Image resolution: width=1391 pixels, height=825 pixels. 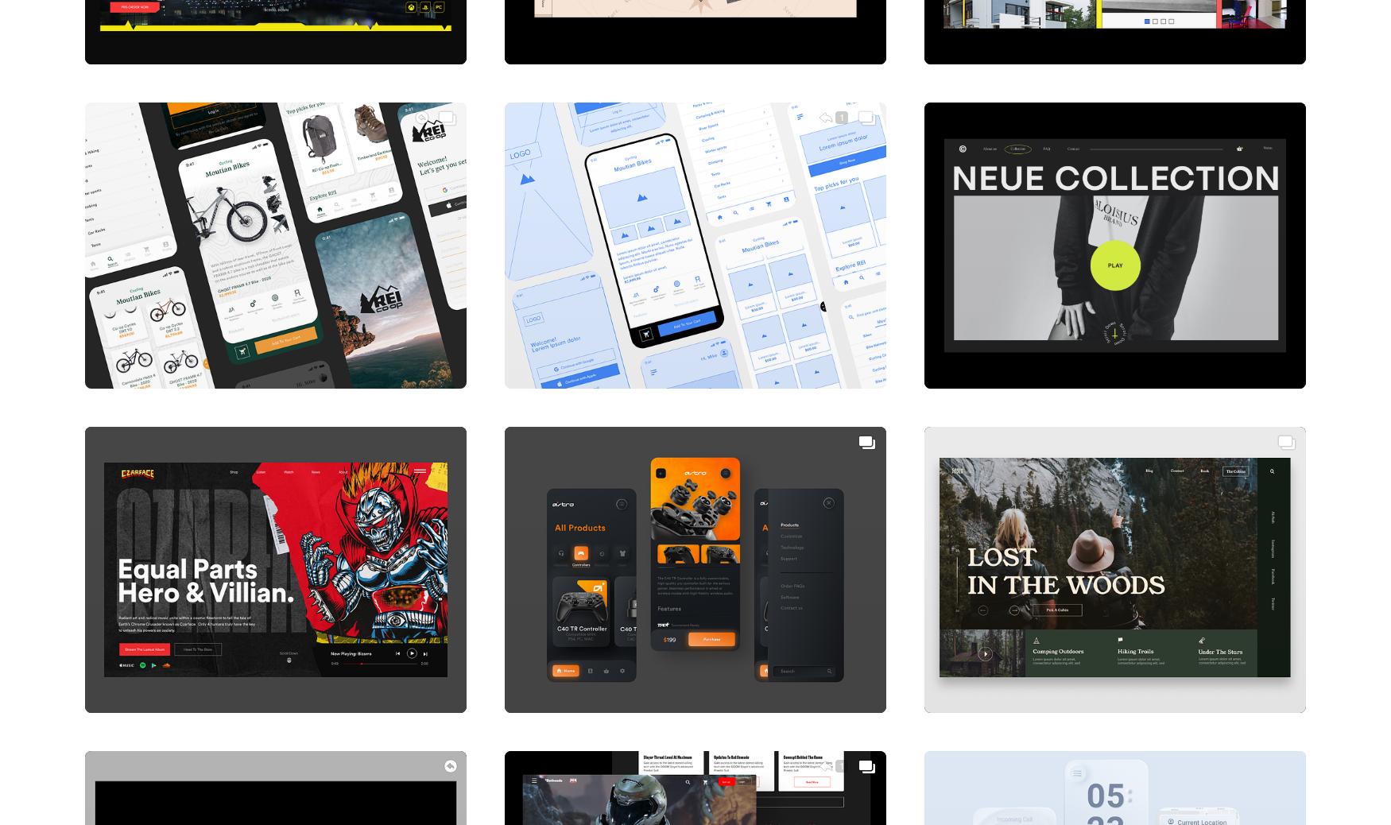 I want to click on 'Cabin Fever', so click(x=940, y=680).